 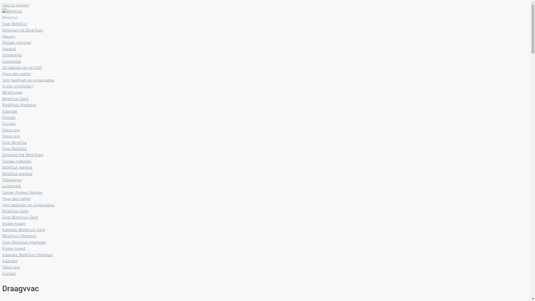 What do you see at coordinates (10, 111) in the screenshot?
I see `'Kalender'` at bounding box center [10, 111].